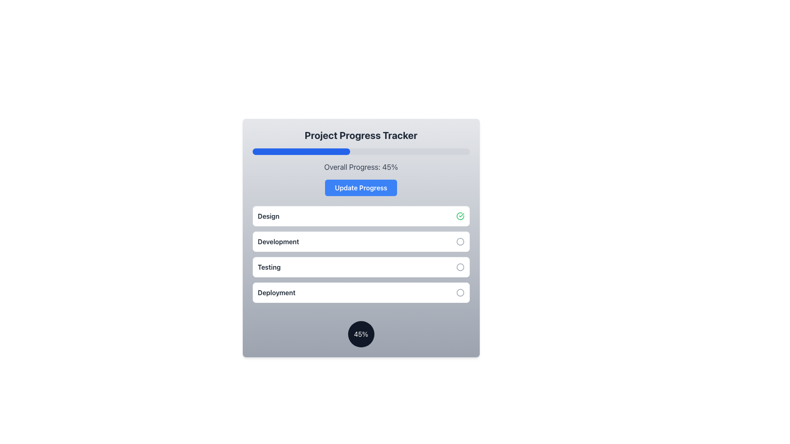  I want to click on the header titled 'Project Progress Tracker', which is a bold, larger font text element styled in dark gray, positioned at the top of the panel, so click(361, 134).